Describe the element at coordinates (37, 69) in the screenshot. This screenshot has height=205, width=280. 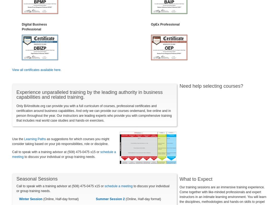
I see `'View all certificates available here.'` at that location.